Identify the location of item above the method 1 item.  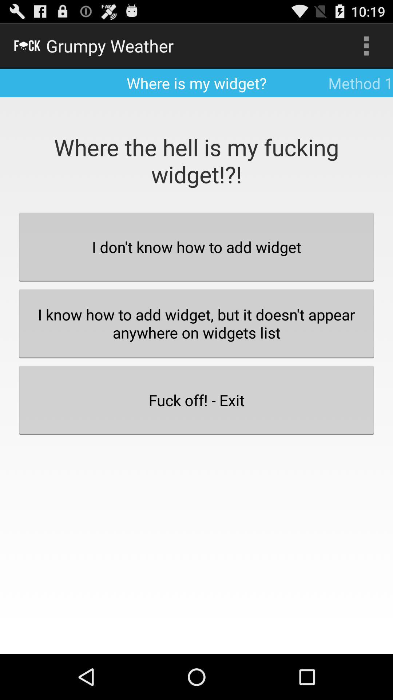
(366, 45).